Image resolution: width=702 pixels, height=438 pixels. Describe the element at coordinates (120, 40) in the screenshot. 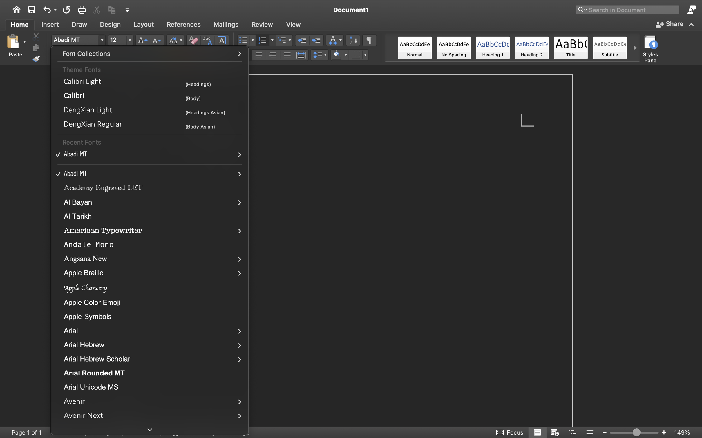

I see `'12'` at that location.